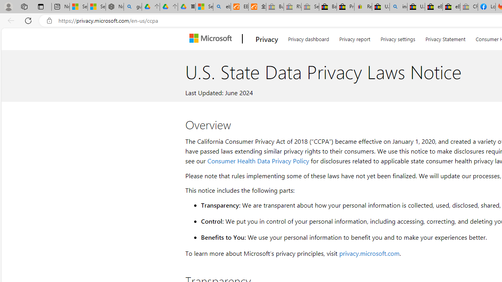  I want to click on 'Privacy settings', so click(398, 38).